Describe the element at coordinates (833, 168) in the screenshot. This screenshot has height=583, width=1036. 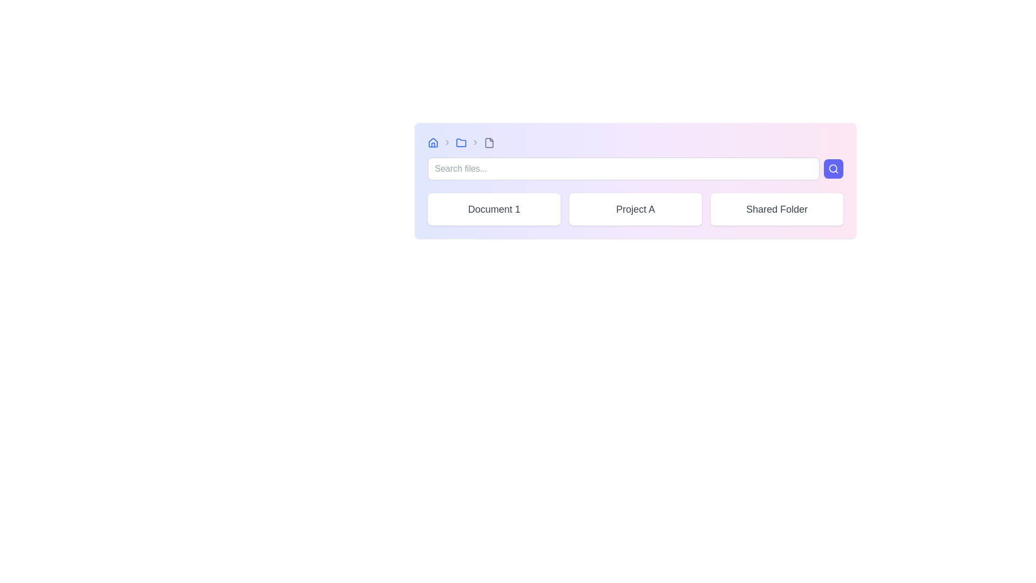
I see `the purple search button with a magnifying glass icon, located immediately to the right of the 'Search files...' input field, to initiate a search` at that location.